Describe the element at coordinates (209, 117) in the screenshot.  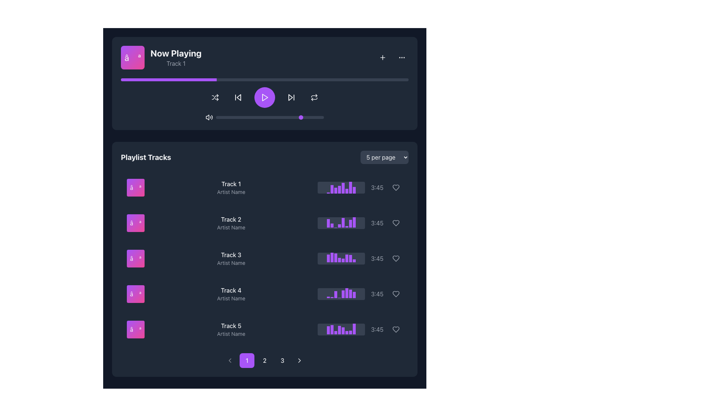
I see `the volume control icon button located in the audio control section, to the left of the playback progress bar` at that location.